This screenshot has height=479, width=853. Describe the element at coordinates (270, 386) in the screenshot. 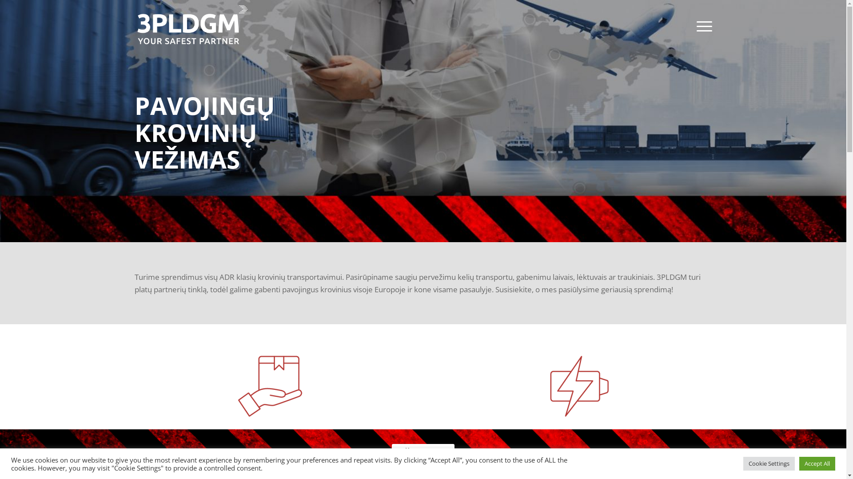

I see `'Icons-04'` at that location.